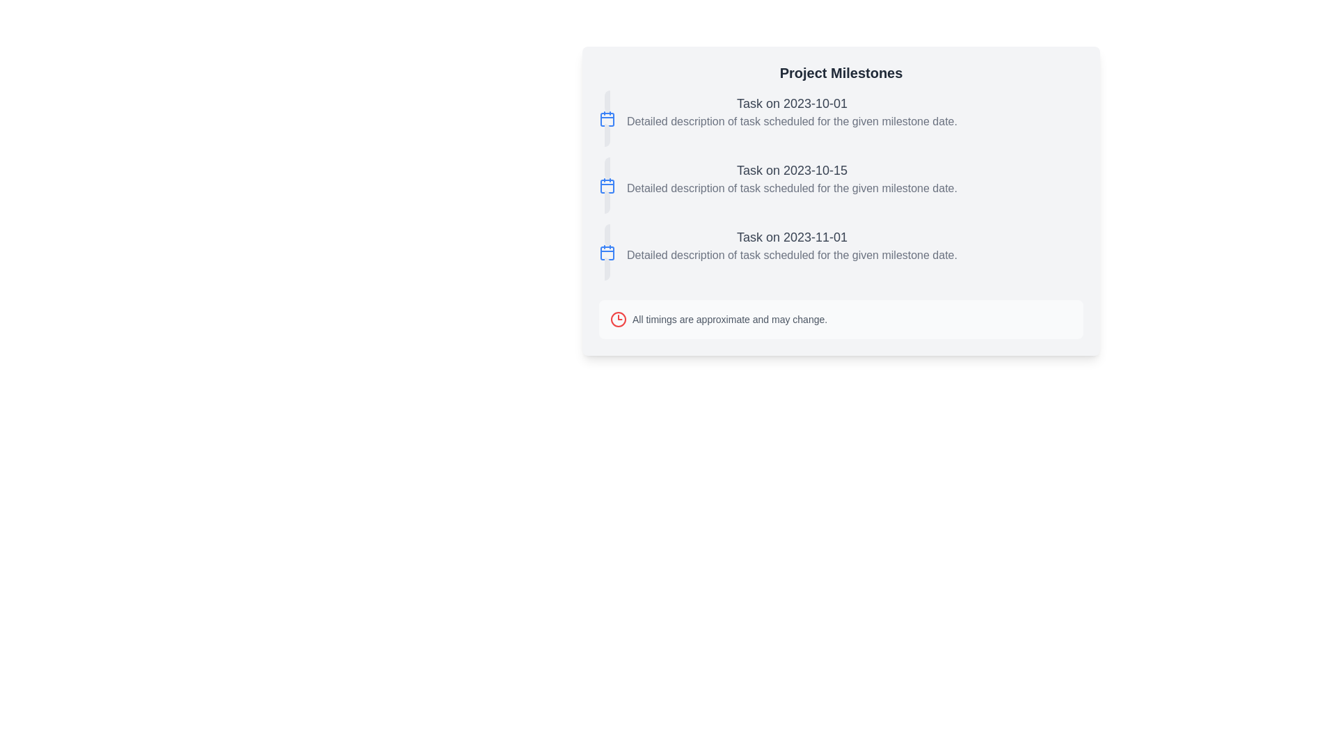 The height and width of the screenshot is (752, 1336). What do you see at coordinates (607, 118) in the screenshot?
I see `the first calendar icon representing the project milestone dated 2023-10-01, located to the left of the 'Task on 2023-10-01' text` at bounding box center [607, 118].